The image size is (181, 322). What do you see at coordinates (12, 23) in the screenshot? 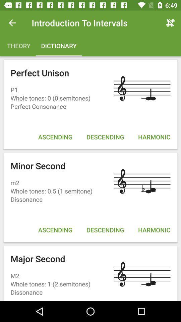
I see `the item above theory item` at bounding box center [12, 23].